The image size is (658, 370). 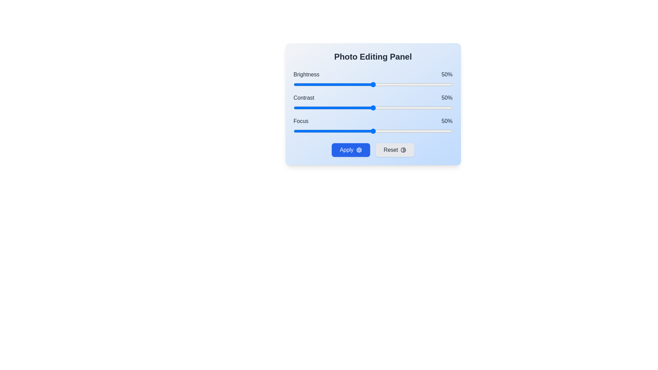 I want to click on 'Reset' button to reset the settings, so click(x=395, y=150).